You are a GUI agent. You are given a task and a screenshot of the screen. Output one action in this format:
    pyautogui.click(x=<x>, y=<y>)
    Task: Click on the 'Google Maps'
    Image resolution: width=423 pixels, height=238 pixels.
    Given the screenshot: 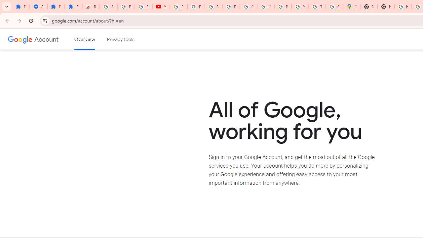 What is the action you would take?
    pyautogui.click(x=351, y=7)
    